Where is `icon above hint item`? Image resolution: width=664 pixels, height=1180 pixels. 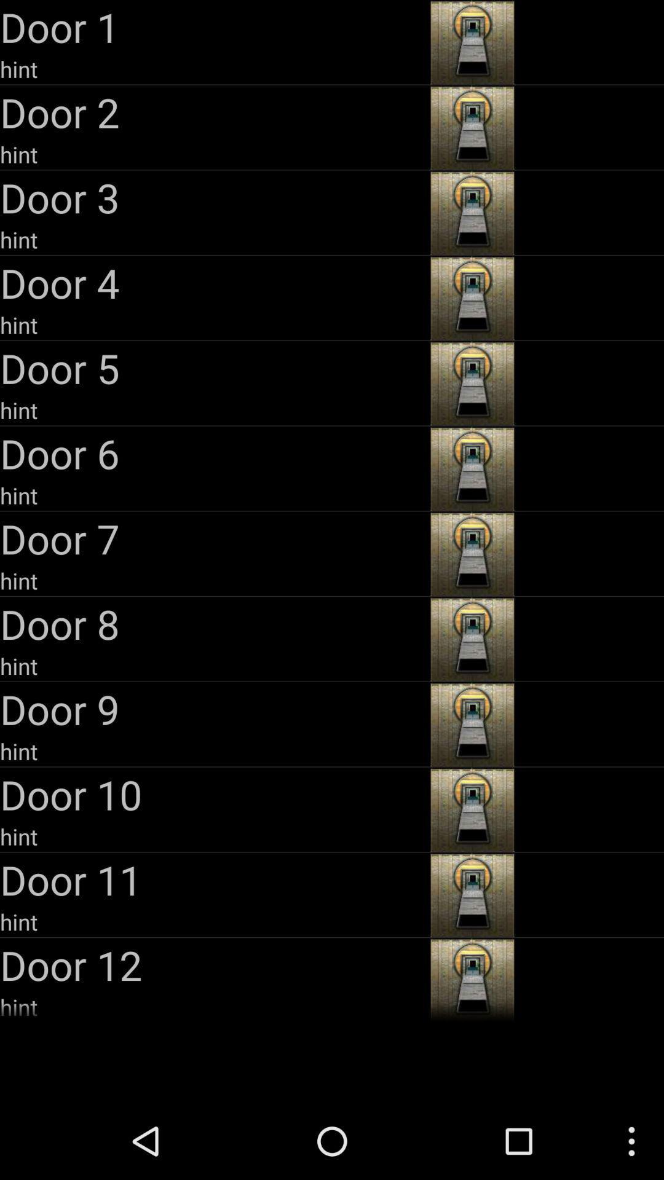 icon above hint item is located at coordinates (213, 879).